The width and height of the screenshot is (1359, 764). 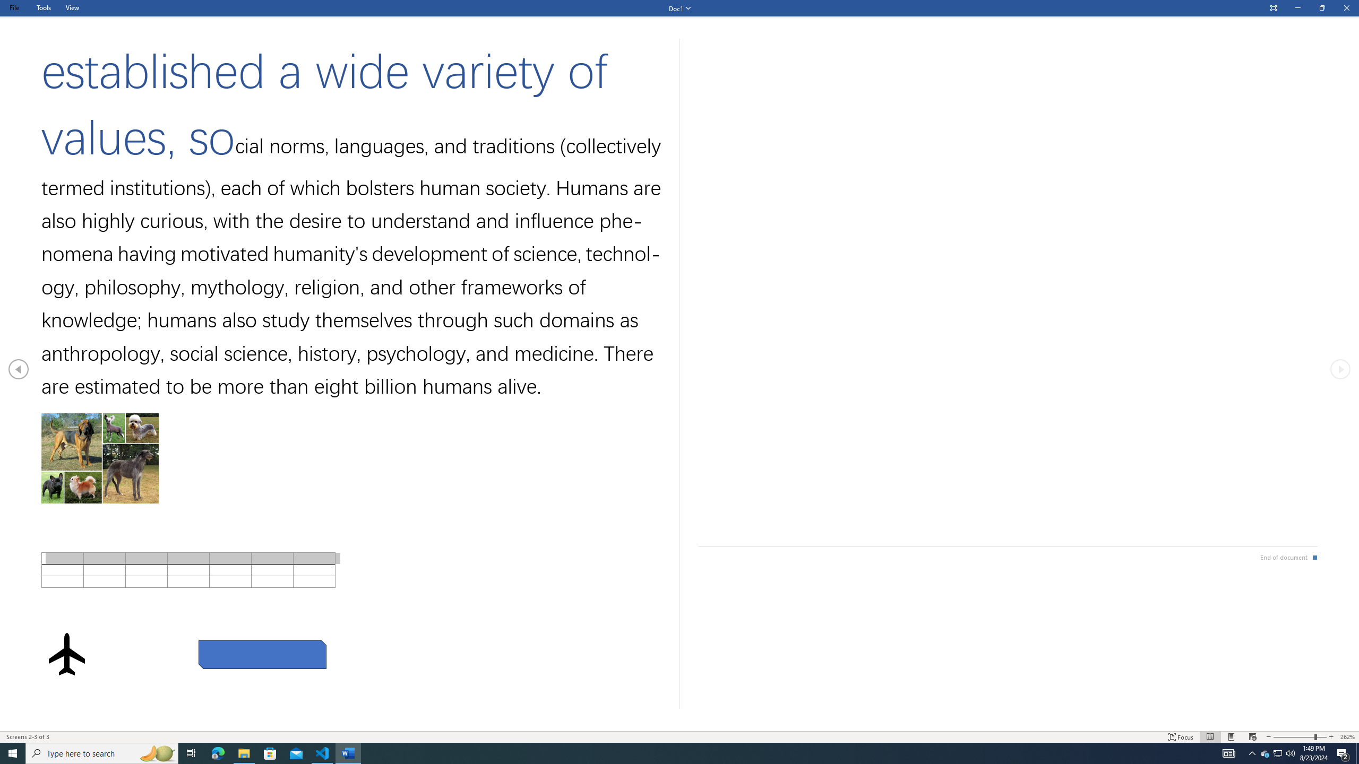 What do you see at coordinates (1181, 737) in the screenshot?
I see `'Focus '` at bounding box center [1181, 737].